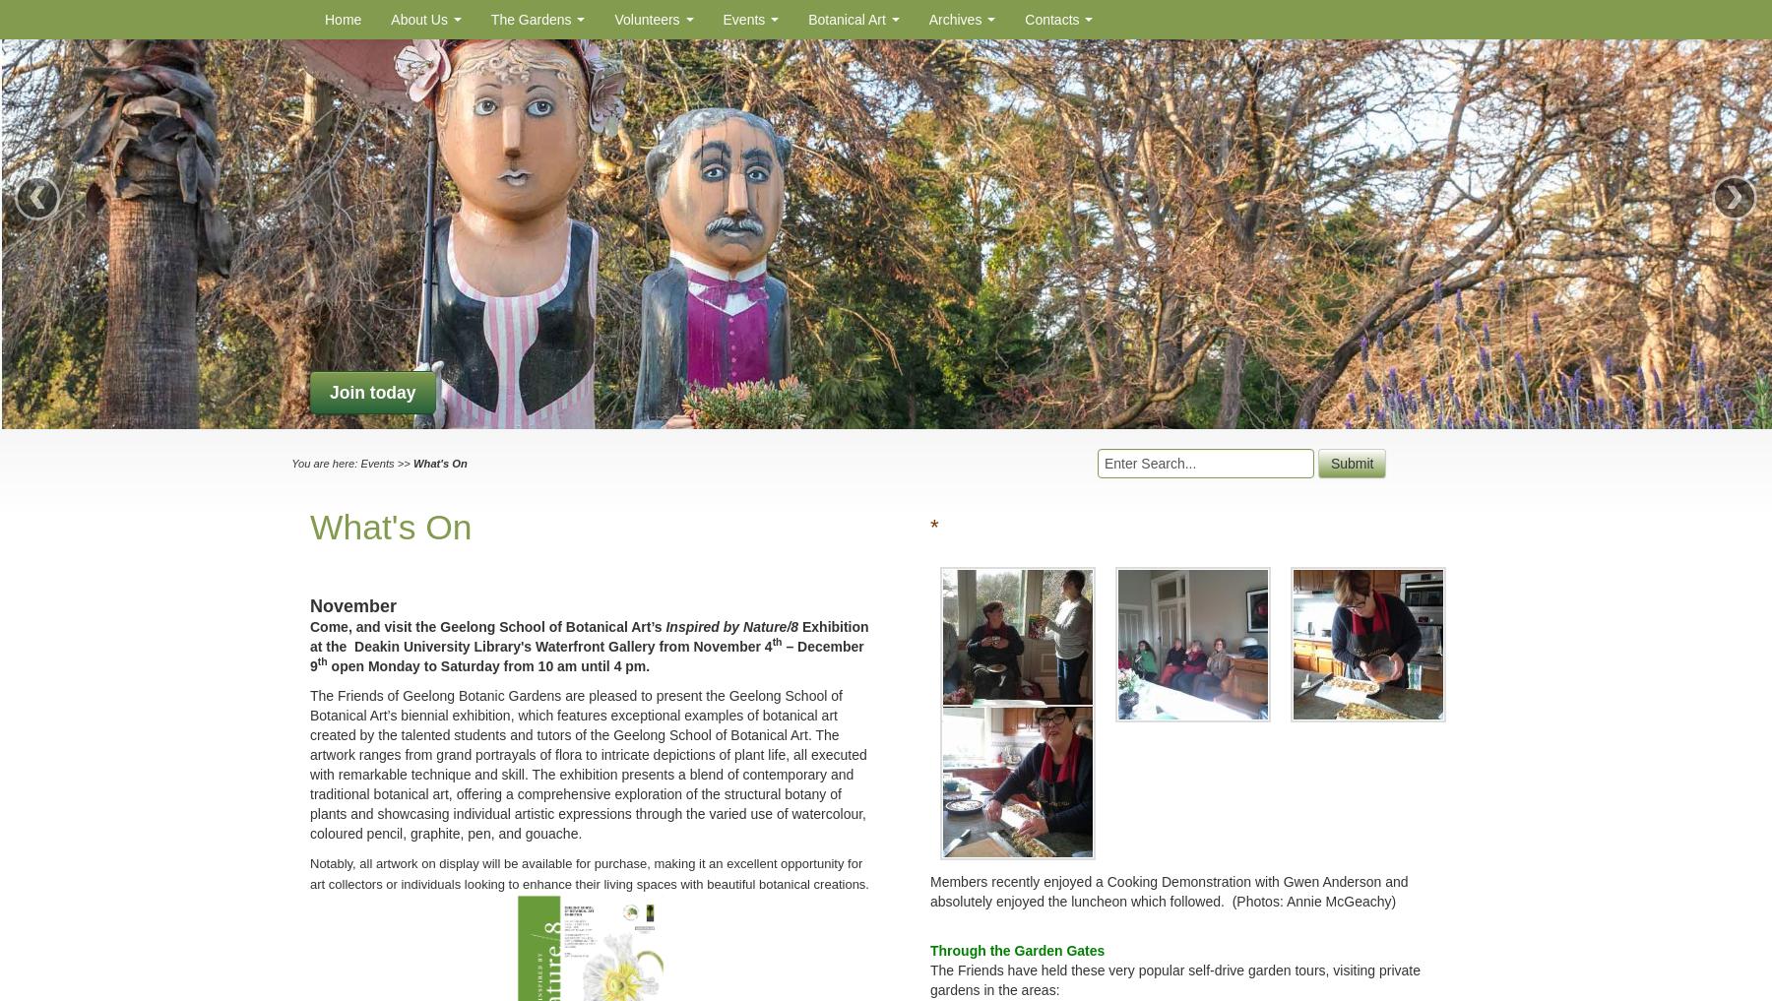  Describe the element at coordinates (403, 462) in the screenshot. I see `'>>'` at that location.